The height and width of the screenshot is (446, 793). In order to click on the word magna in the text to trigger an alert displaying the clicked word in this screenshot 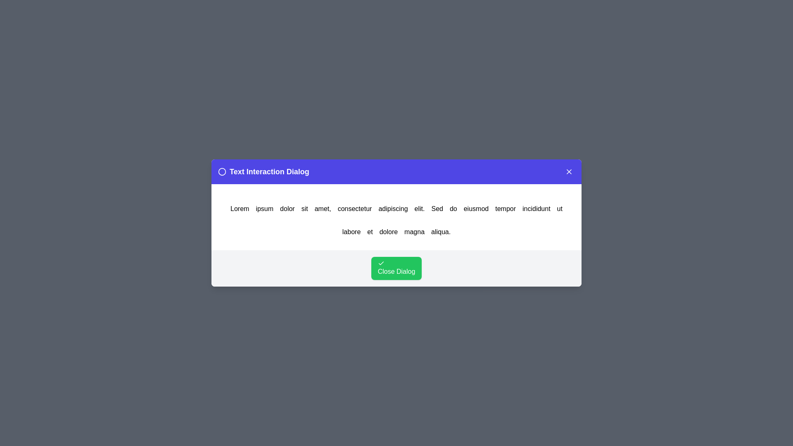, I will do `click(414, 232)`.